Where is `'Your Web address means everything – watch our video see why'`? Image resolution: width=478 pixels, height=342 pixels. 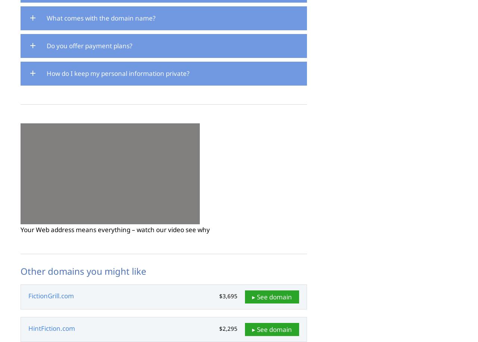
'Your Web address means everything – watch our video see why' is located at coordinates (115, 229).